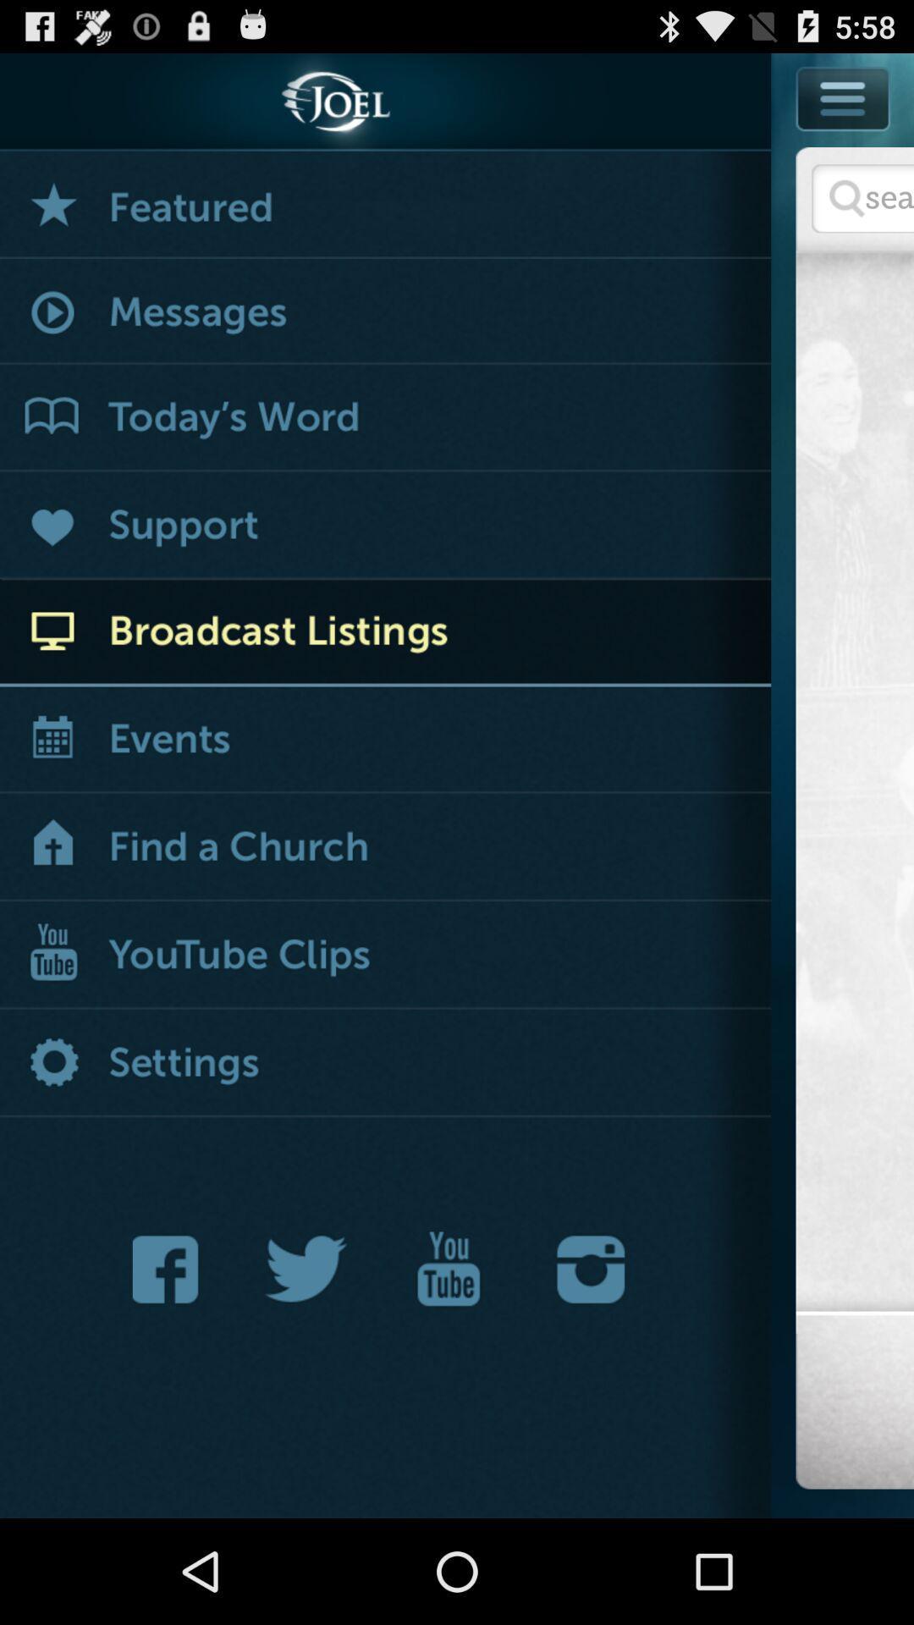 This screenshot has width=914, height=1625. I want to click on the twitter icon, so click(306, 1358).